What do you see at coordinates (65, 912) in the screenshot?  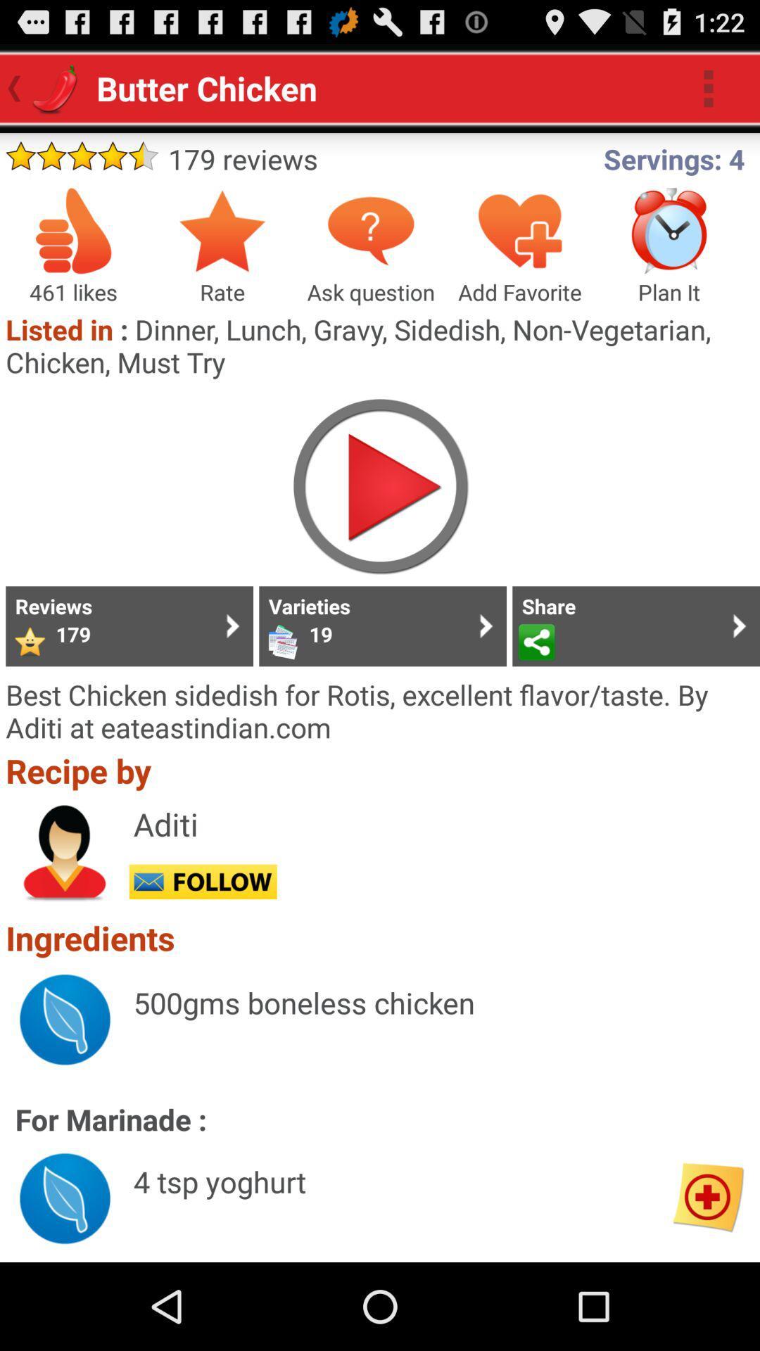 I see `the avatar icon` at bounding box center [65, 912].